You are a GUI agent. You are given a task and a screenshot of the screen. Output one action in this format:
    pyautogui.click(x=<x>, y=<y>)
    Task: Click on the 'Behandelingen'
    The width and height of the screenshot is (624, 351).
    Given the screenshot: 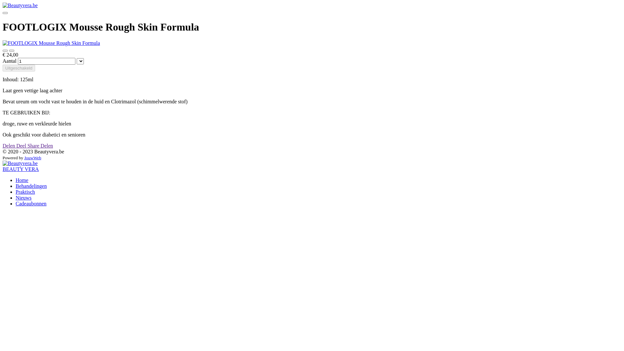 What is the action you would take?
    pyautogui.click(x=31, y=186)
    